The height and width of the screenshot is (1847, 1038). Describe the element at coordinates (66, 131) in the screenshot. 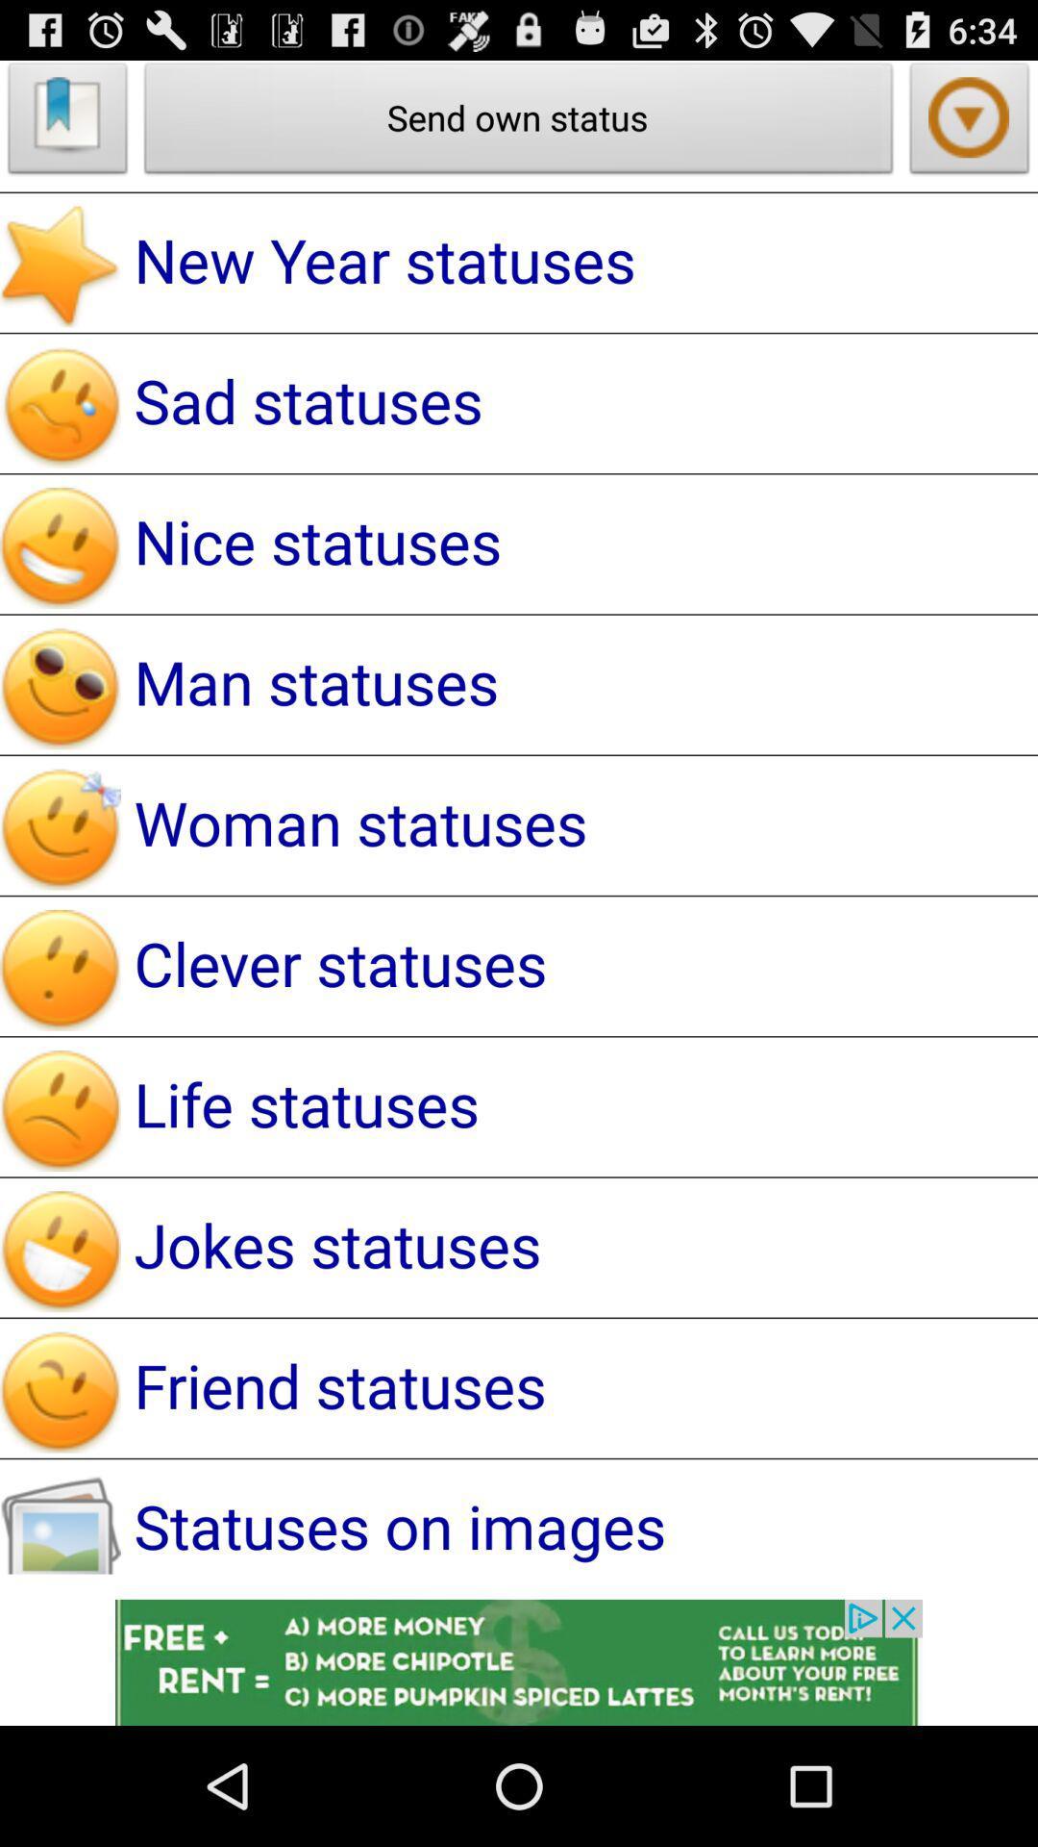

I see `the bookmark icon` at that location.